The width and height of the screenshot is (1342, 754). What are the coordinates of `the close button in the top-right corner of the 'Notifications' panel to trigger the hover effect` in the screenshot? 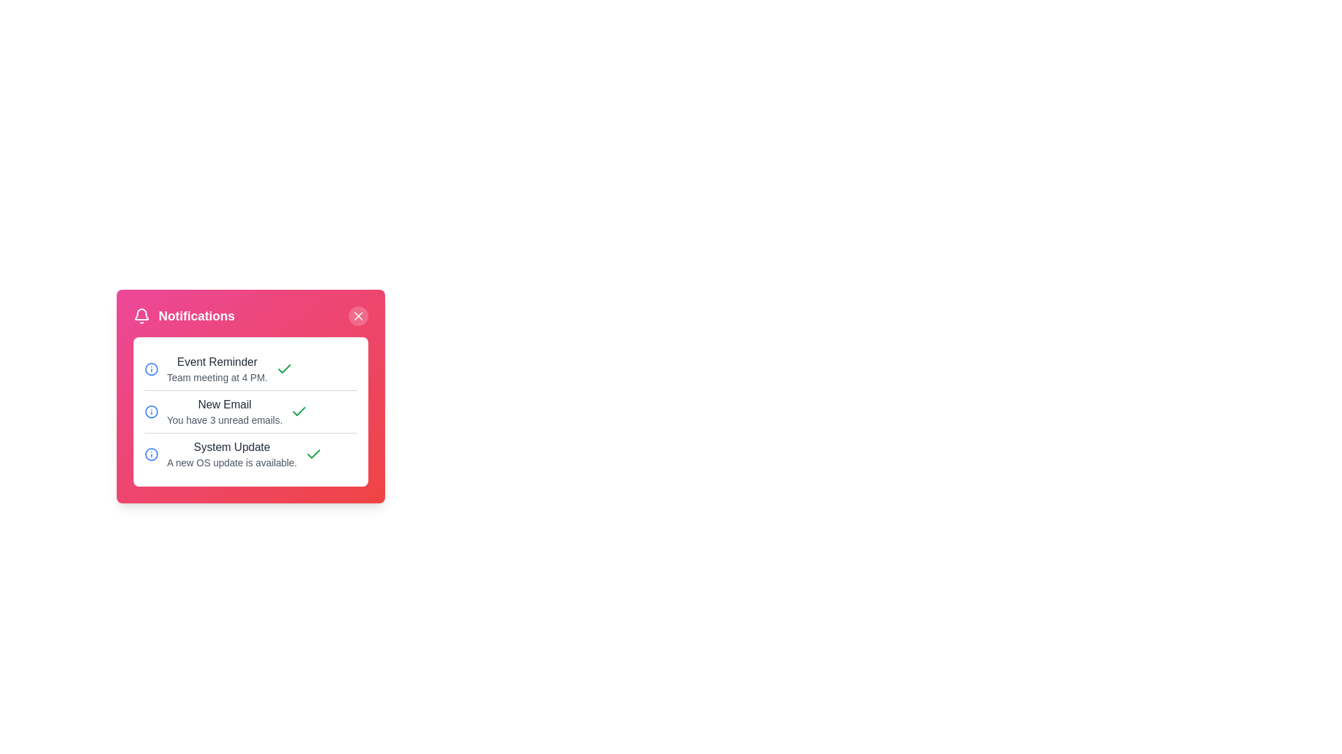 It's located at (359, 316).